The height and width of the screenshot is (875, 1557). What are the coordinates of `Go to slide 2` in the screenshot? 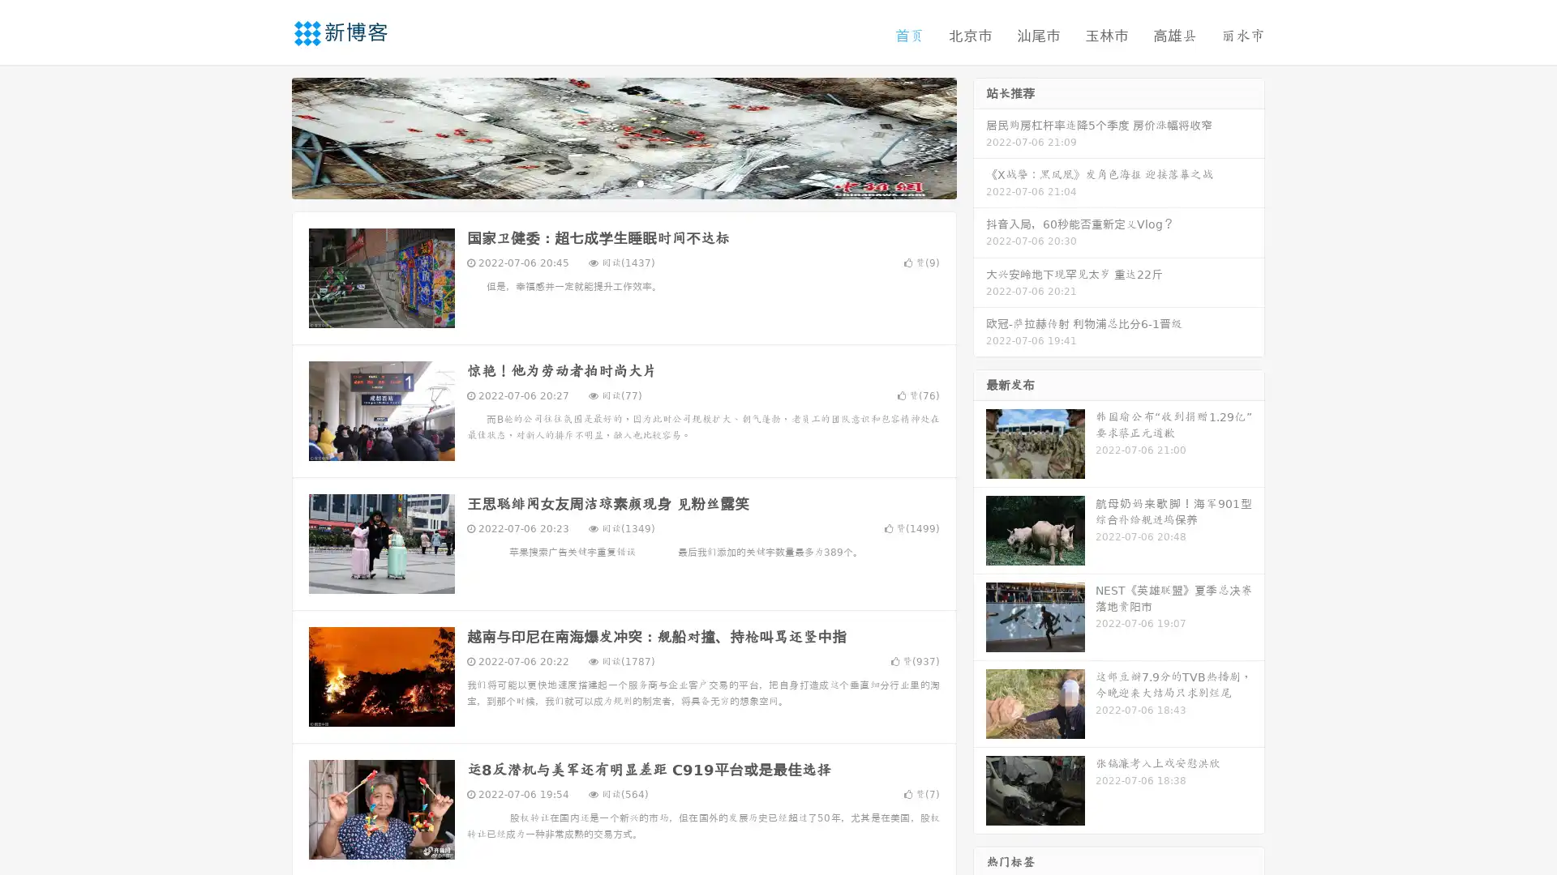 It's located at (623, 182).